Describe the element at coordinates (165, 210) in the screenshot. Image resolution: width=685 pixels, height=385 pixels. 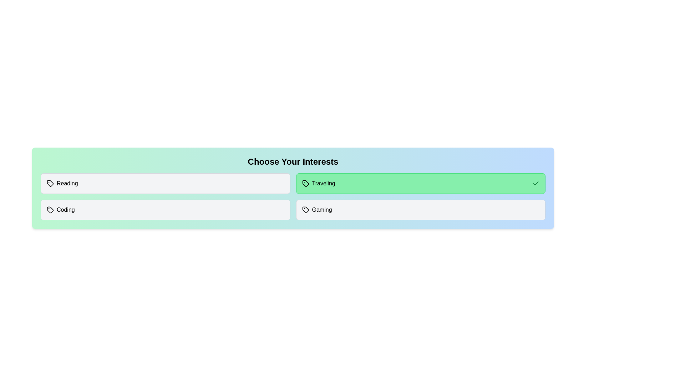
I see `the interest button labeled Coding` at that location.